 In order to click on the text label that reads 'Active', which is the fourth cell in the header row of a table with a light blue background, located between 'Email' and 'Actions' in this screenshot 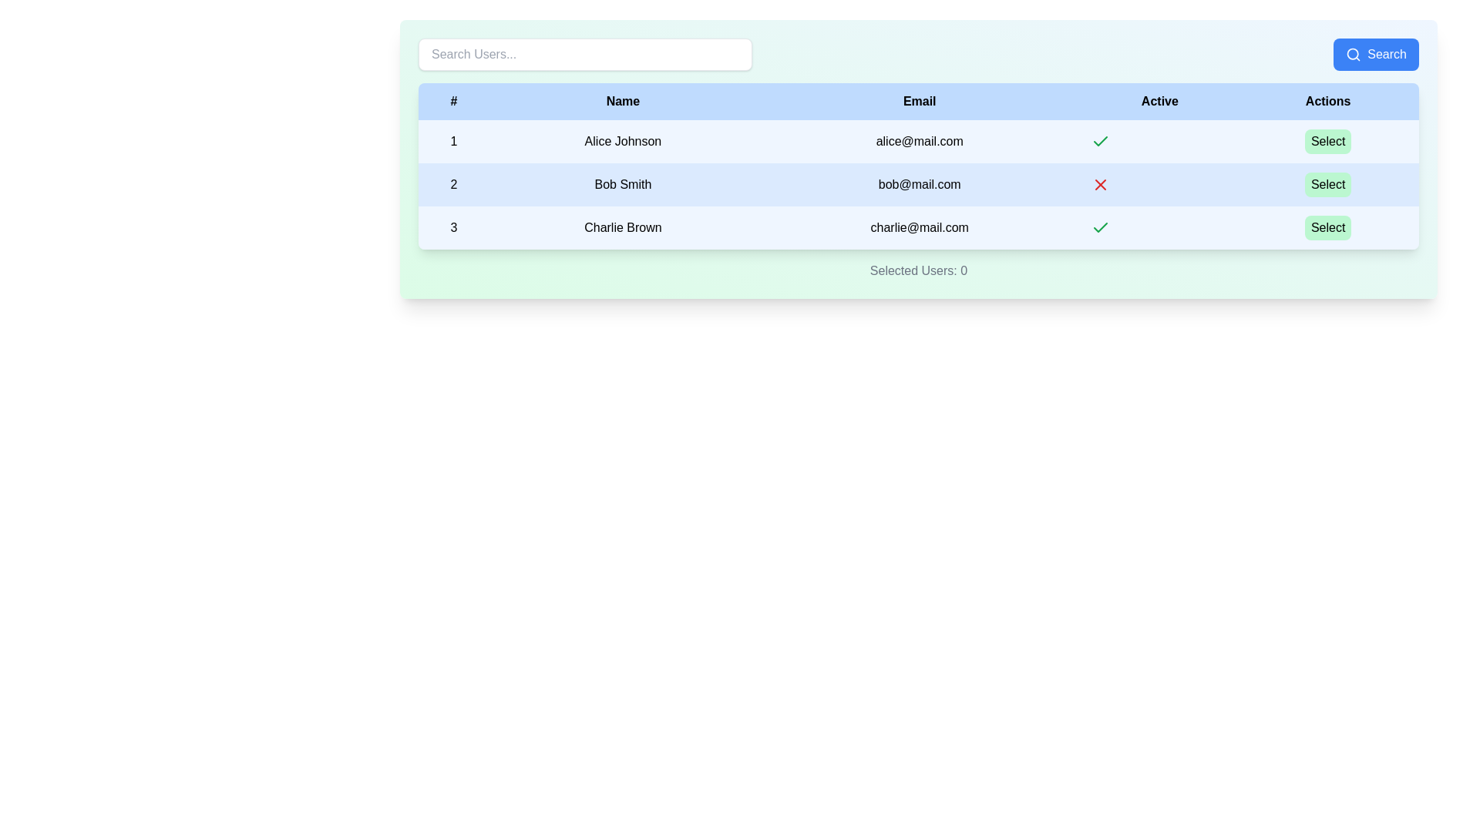, I will do `click(1159, 101)`.